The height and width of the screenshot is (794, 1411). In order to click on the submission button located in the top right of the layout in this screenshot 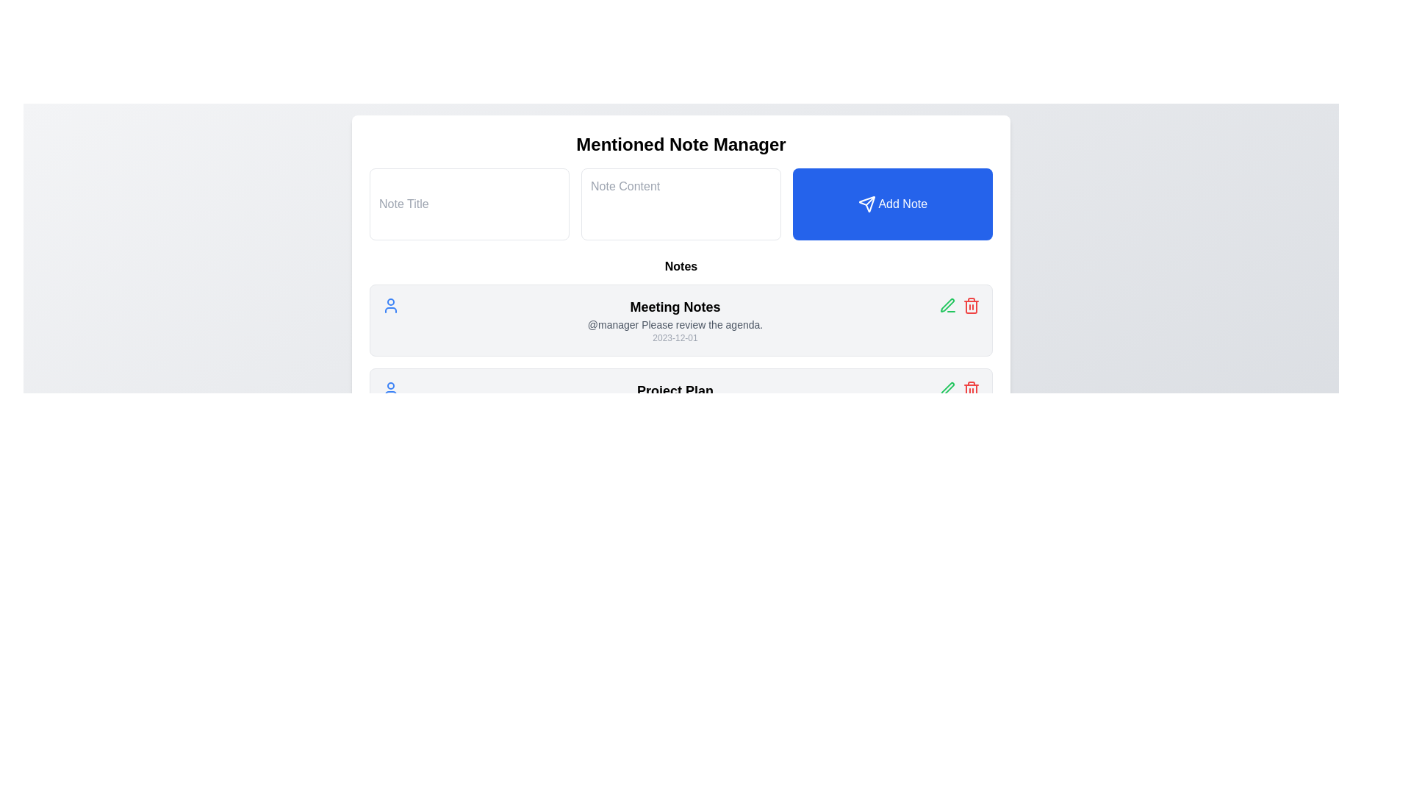, I will do `click(891, 204)`.